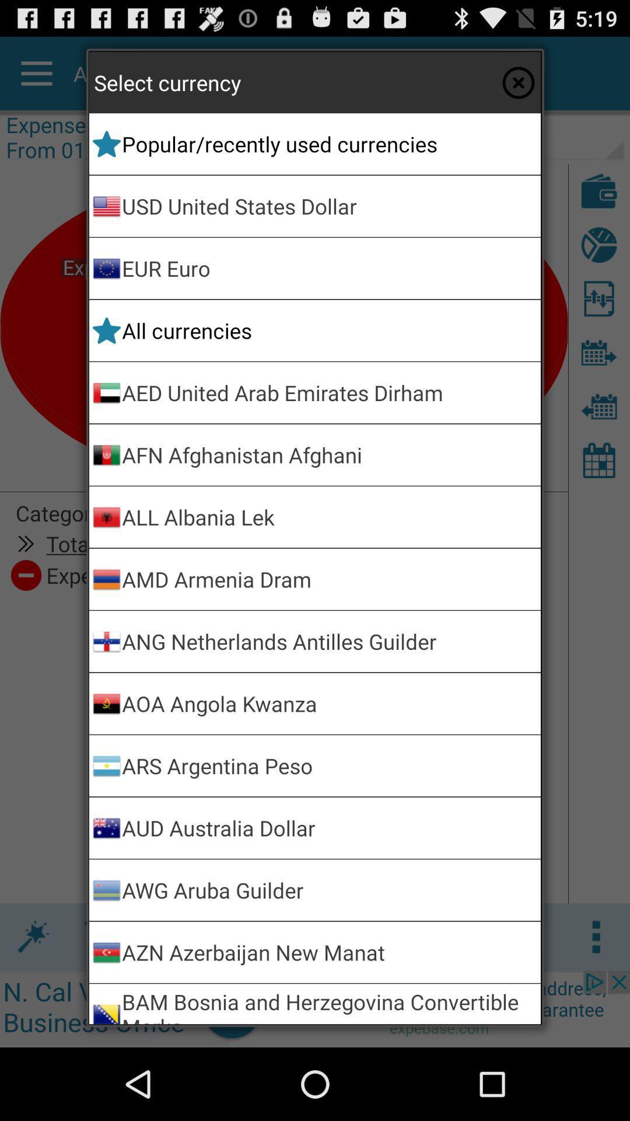 Image resolution: width=630 pixels, height=1121 pixels. What do you see at coordinates (517, 82) in the screenshot?
I see `exit select currency` at bounding box center [517, 82].